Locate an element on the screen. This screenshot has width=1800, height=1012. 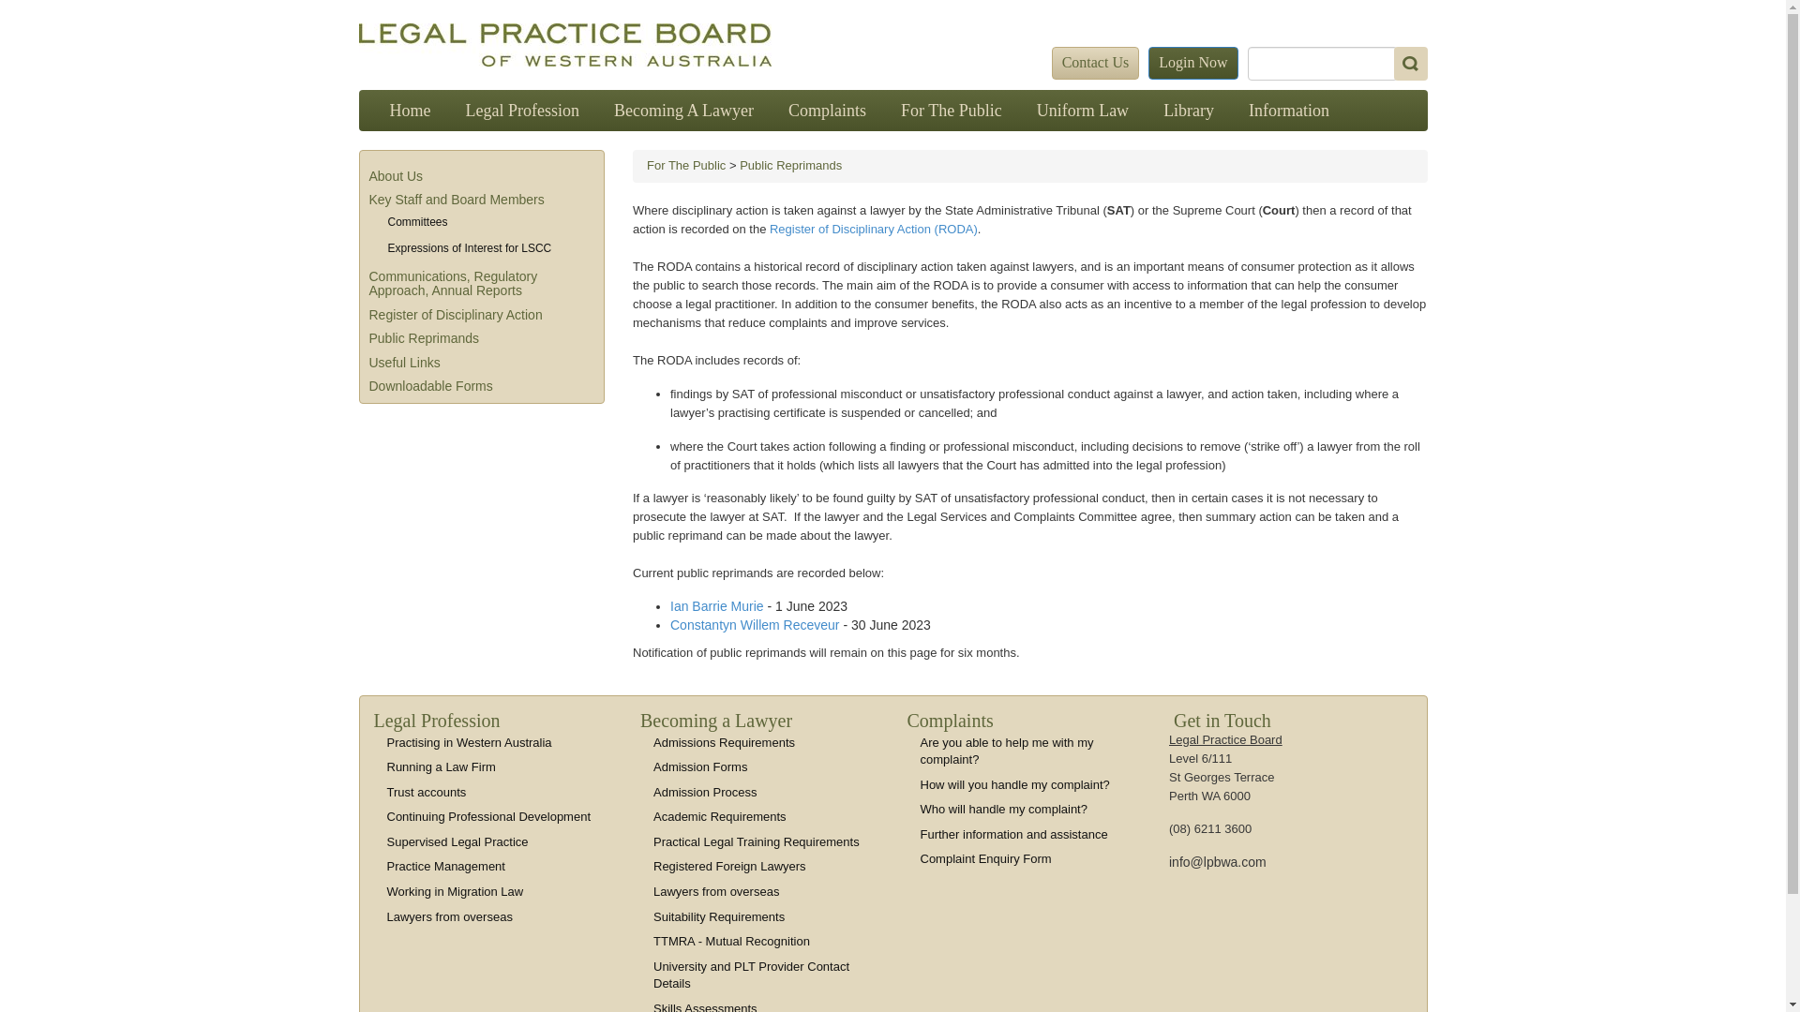
'Registered Foreign Lawyers' is located at coordinates (652, 866).